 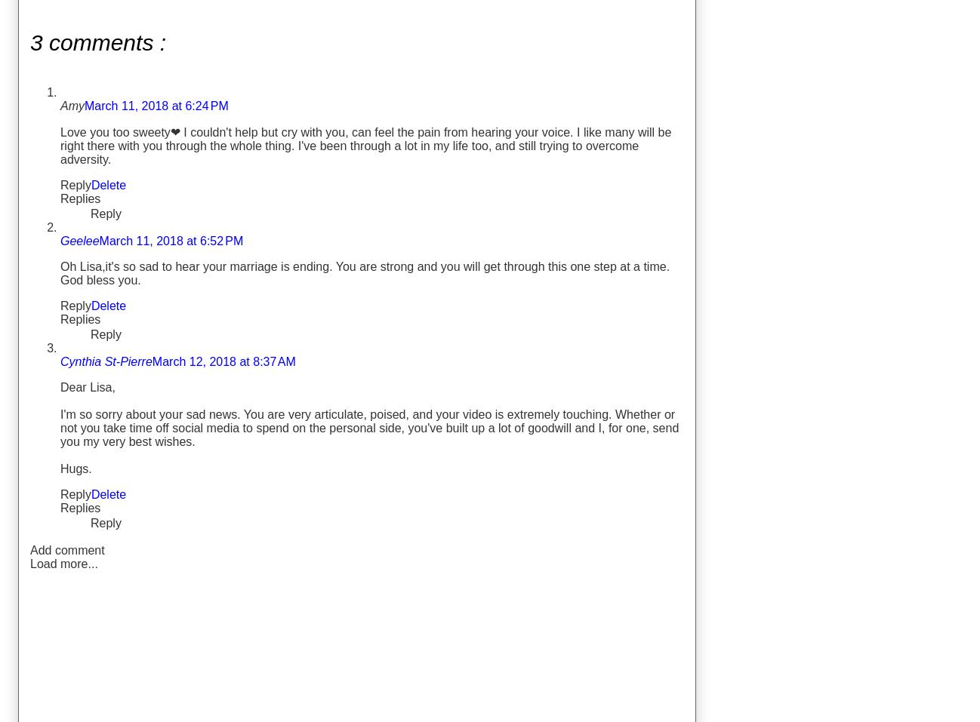 What do you see at coordinates (222, 360) in the screenshot?
I see `'March 12, 2018 at 8:37 AM'` at bounding box center [222, 360].